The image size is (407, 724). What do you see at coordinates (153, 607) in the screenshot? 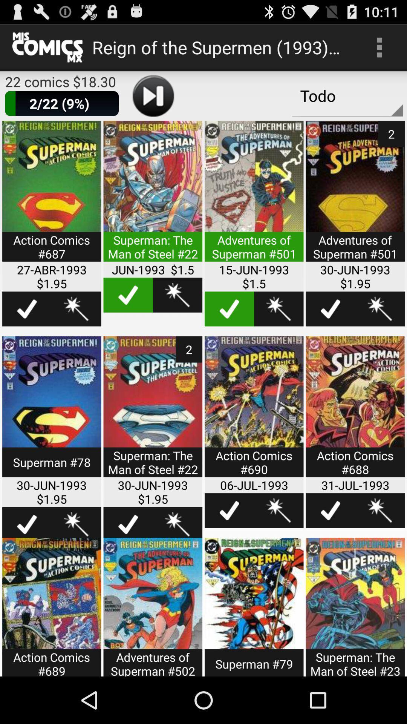
I see `comicbook` at bounding box center [153, 607].